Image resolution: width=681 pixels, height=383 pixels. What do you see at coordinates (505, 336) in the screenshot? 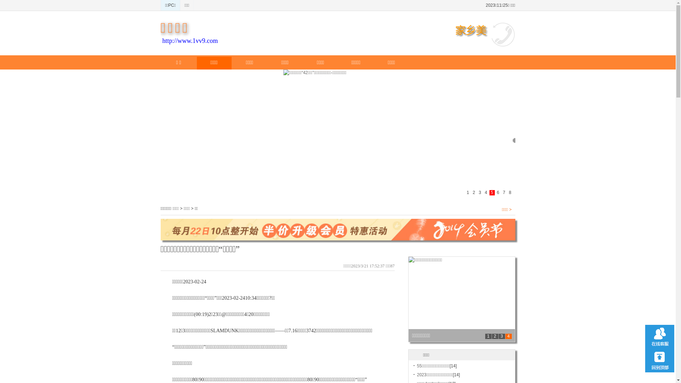
I see `'4'` at bounding box center [505, 336].